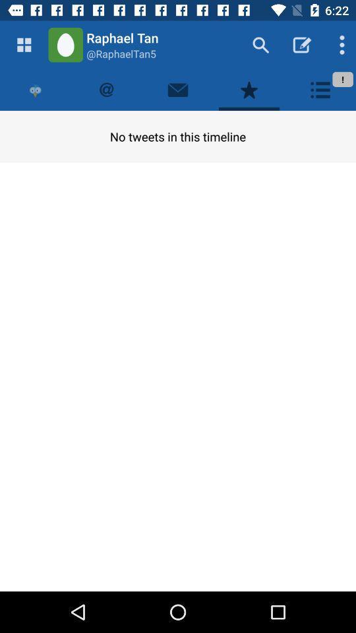 The width and height of the screenshot is (356, 633). I want to click on open messages, so click(178, 89).